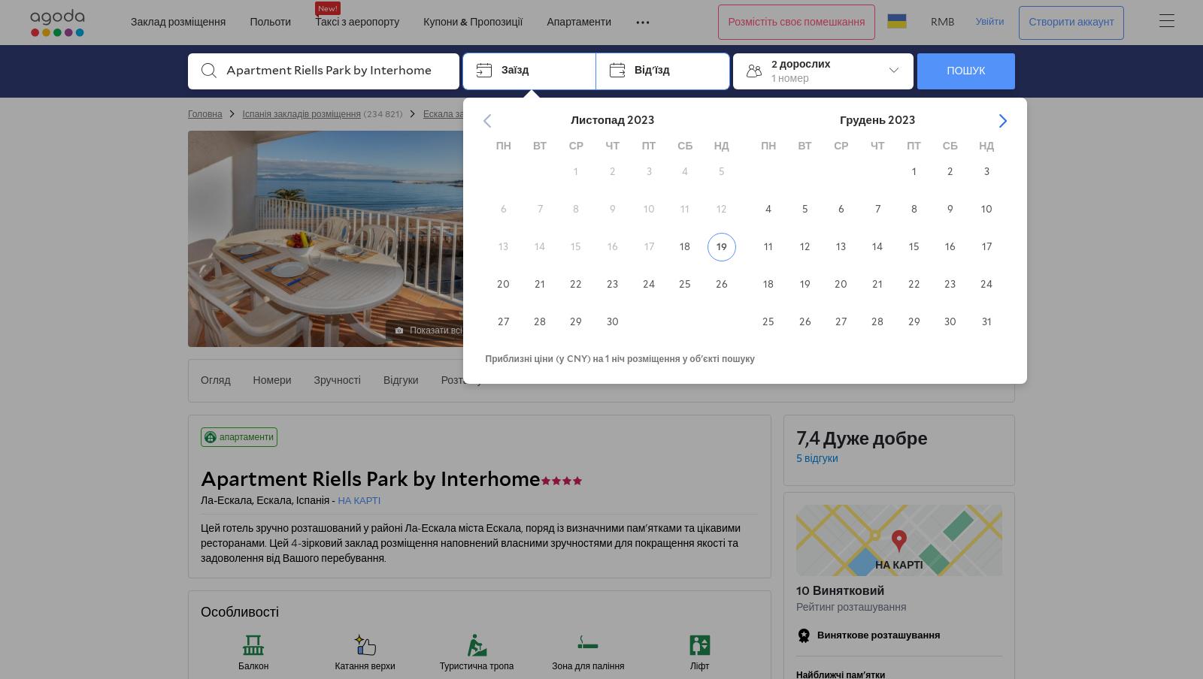 The width and height of the screenshot is (1203, 679). What do you see at coordinates (470, 542) in the screenshot?
I see `'Цей готель зручно розташований у районі Ла-Ескала міста Ескала, поряд із визначними пам'ятками та цікавими ресторанами. Цей 4-зірковий заклад розміщення наповнений власними зручностями для покращення якості та задоволення від Вашого перебування.'` at bounding box center [470, 542].